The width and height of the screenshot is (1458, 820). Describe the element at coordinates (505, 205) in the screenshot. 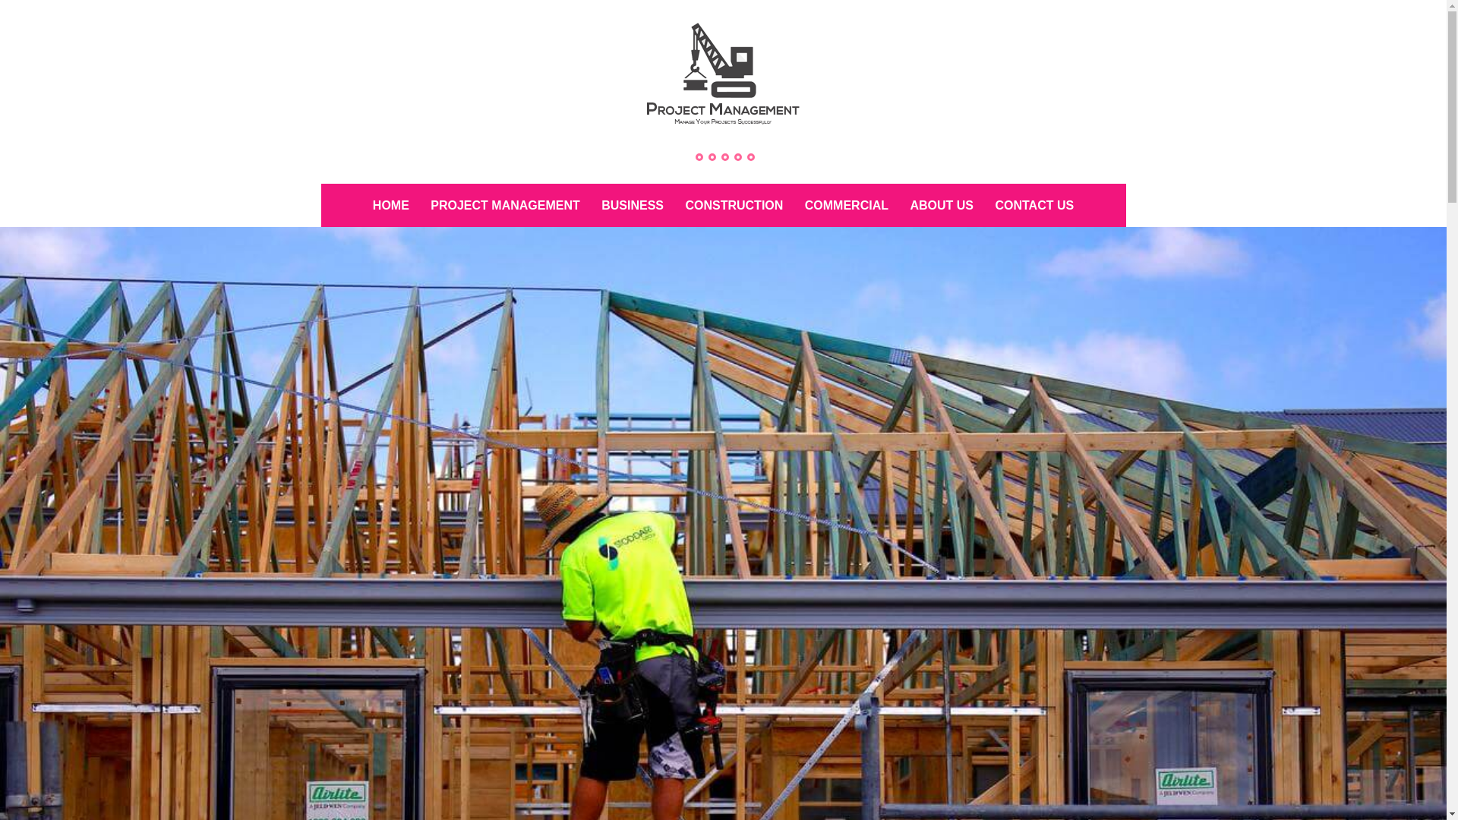

I see `'PROJECT MANAGEMENT'` at that location.